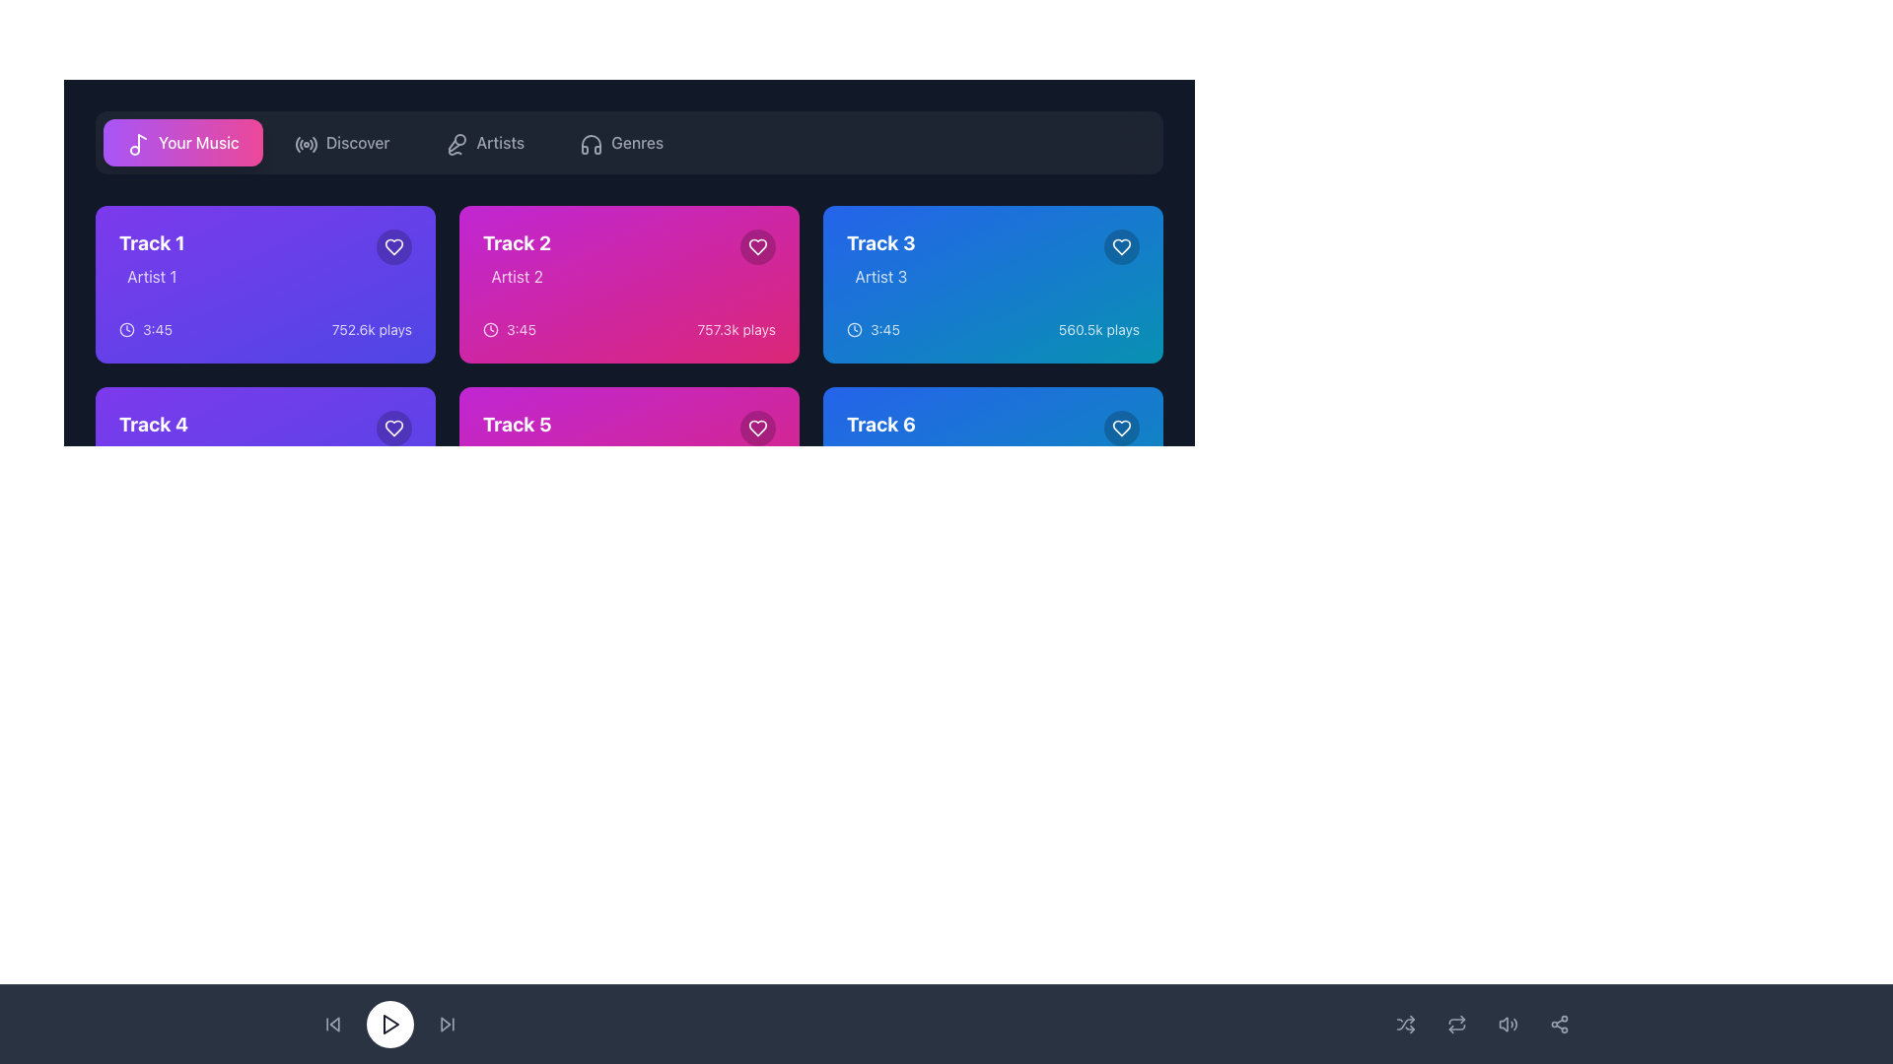 Image resolution: width=1893 pixels, height=1064 pixels. Describe the element at coordinates (1507, 1024) in the screenshot. I see `the speaker icon button in the bottom control panel` at that location.